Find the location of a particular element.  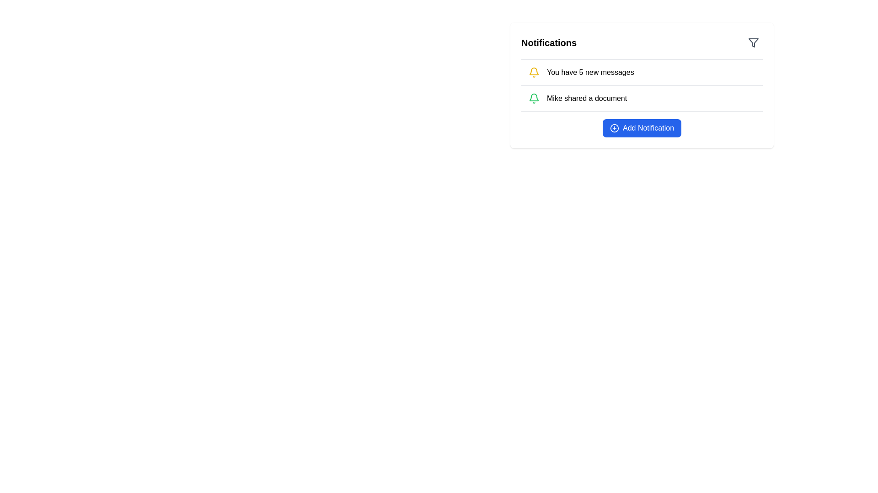

the text label that informs the user about the activity 'Mike shared a document.', located in the notification panel as the second entry is located at coordinates (587, 99).